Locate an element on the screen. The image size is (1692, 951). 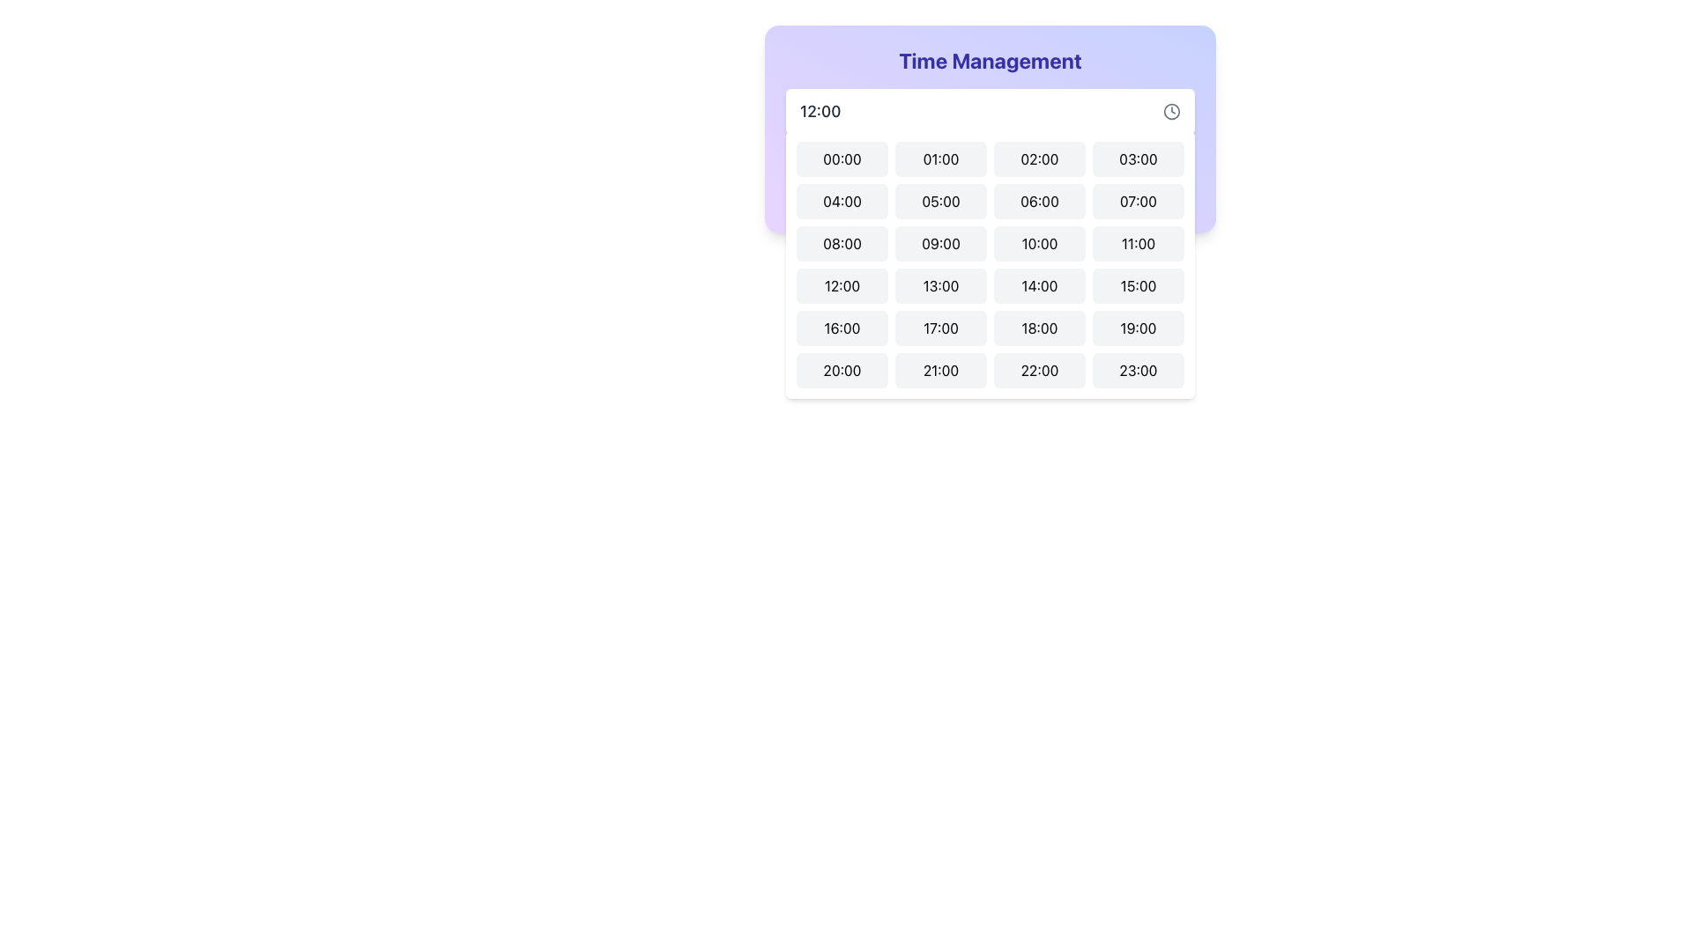
the button displaying '08:00' in the 'Time Management' dropdown panel to change its color to indigo is located at coordinates (841, 244).